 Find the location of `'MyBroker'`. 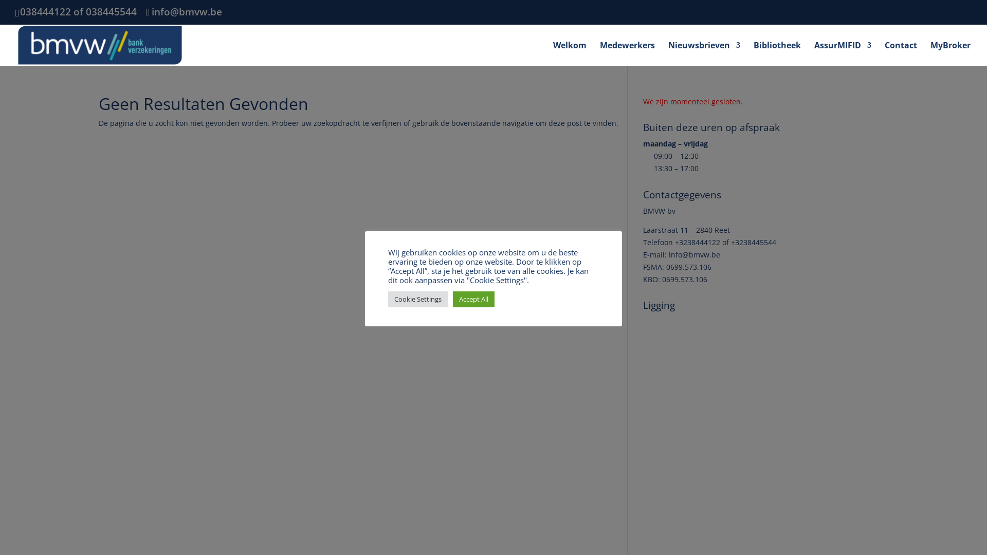

'MyBroker' is located at coordinates (949, 53).